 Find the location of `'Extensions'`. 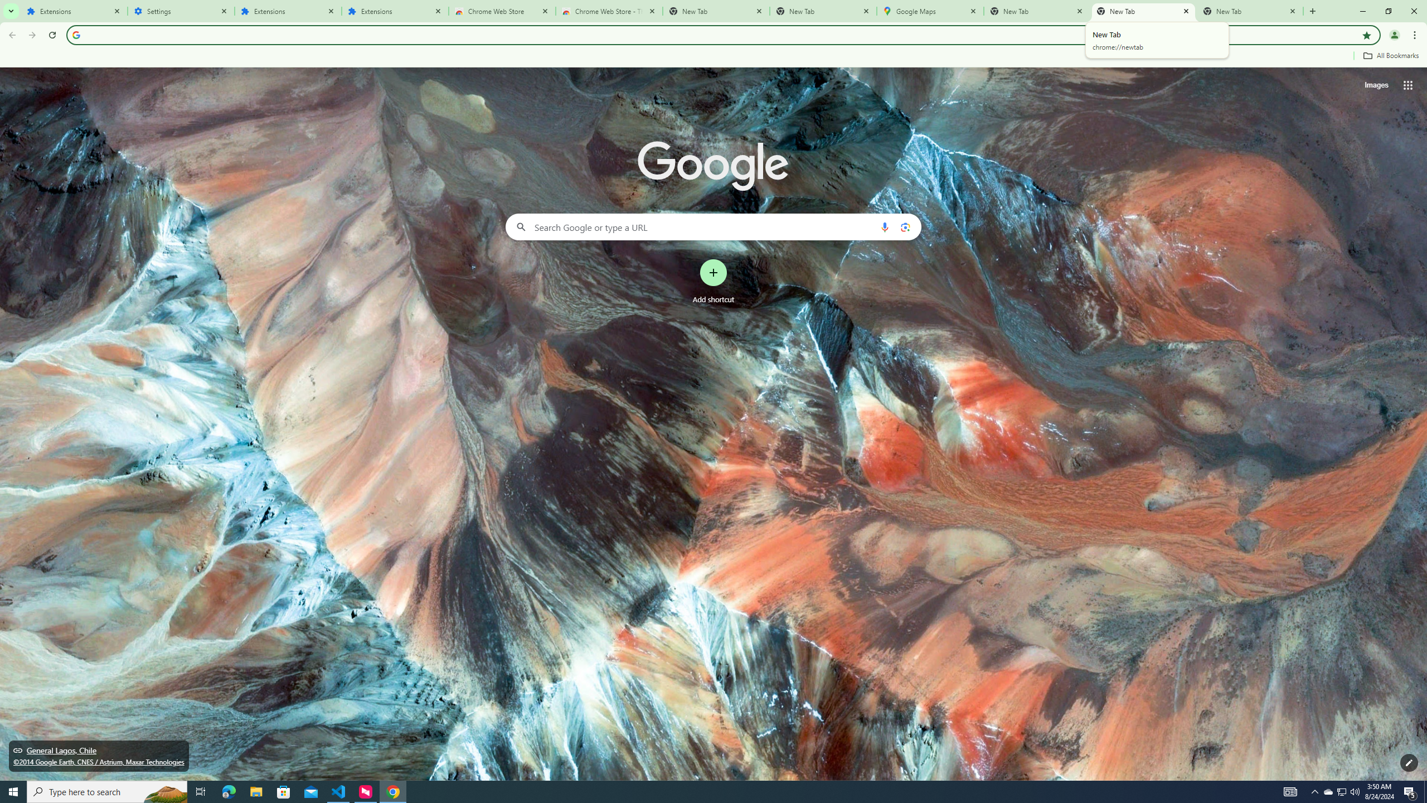

'Extensions' is located at coordinates (395, 11).